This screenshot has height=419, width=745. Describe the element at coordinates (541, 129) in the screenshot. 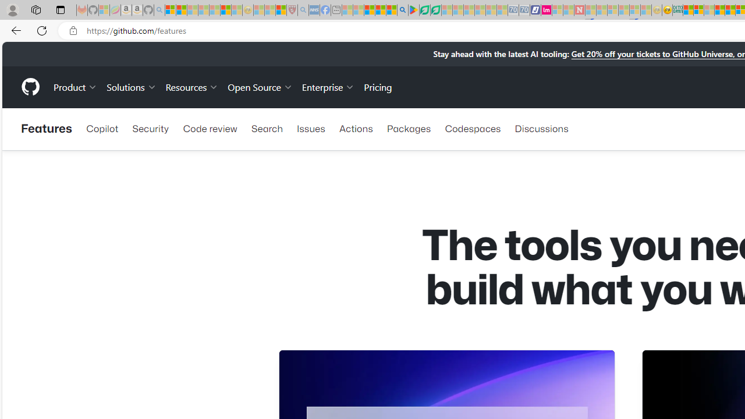

I see `'Discussions'` at that location.